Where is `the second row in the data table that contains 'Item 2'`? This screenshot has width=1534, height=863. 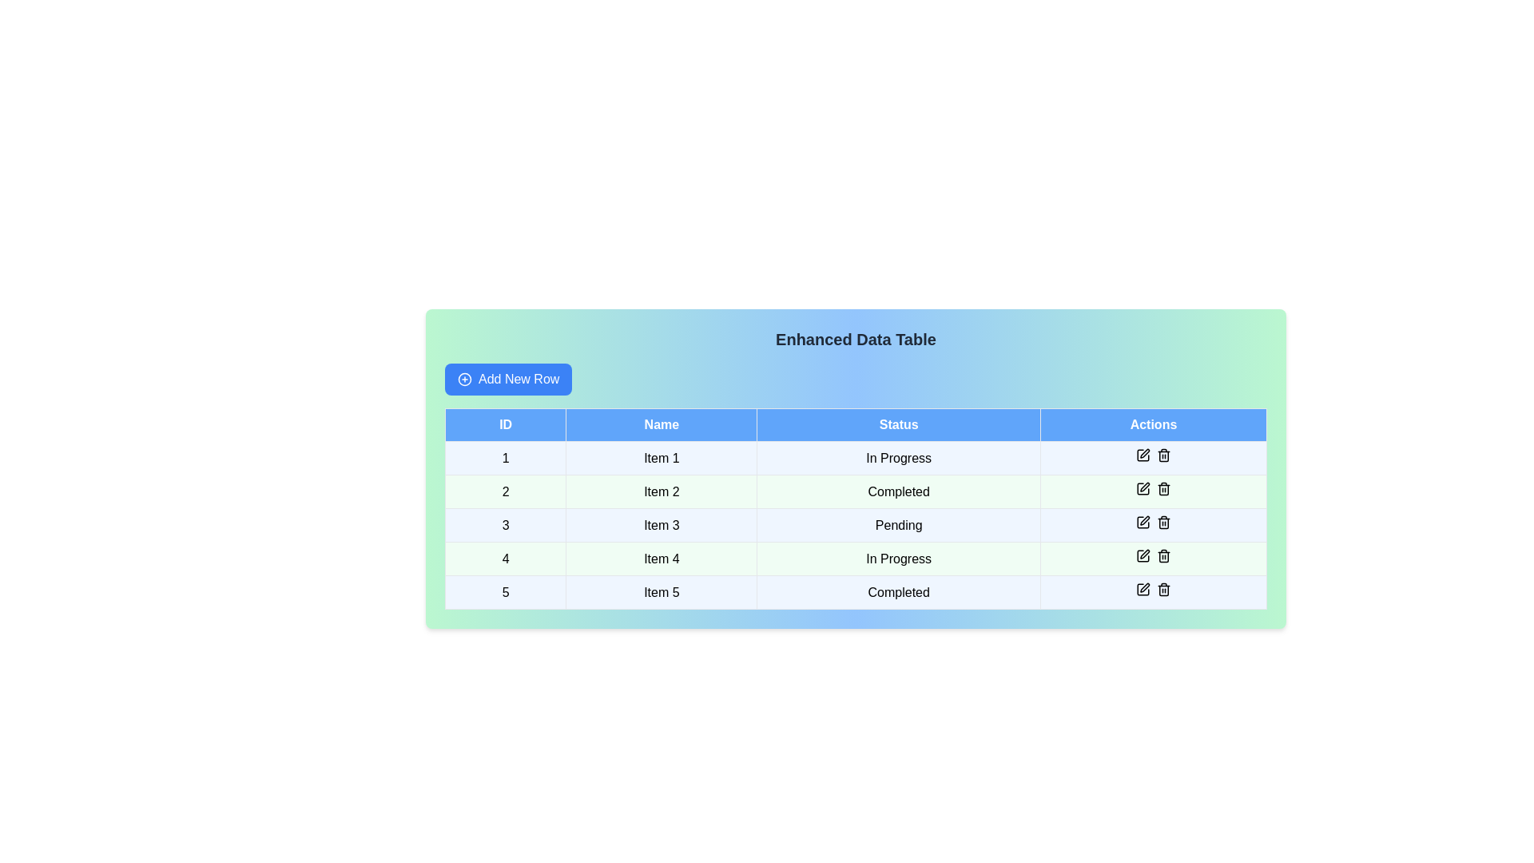
the second row in the data table that contains 'Item 2' is located at coordinates (855, 491).